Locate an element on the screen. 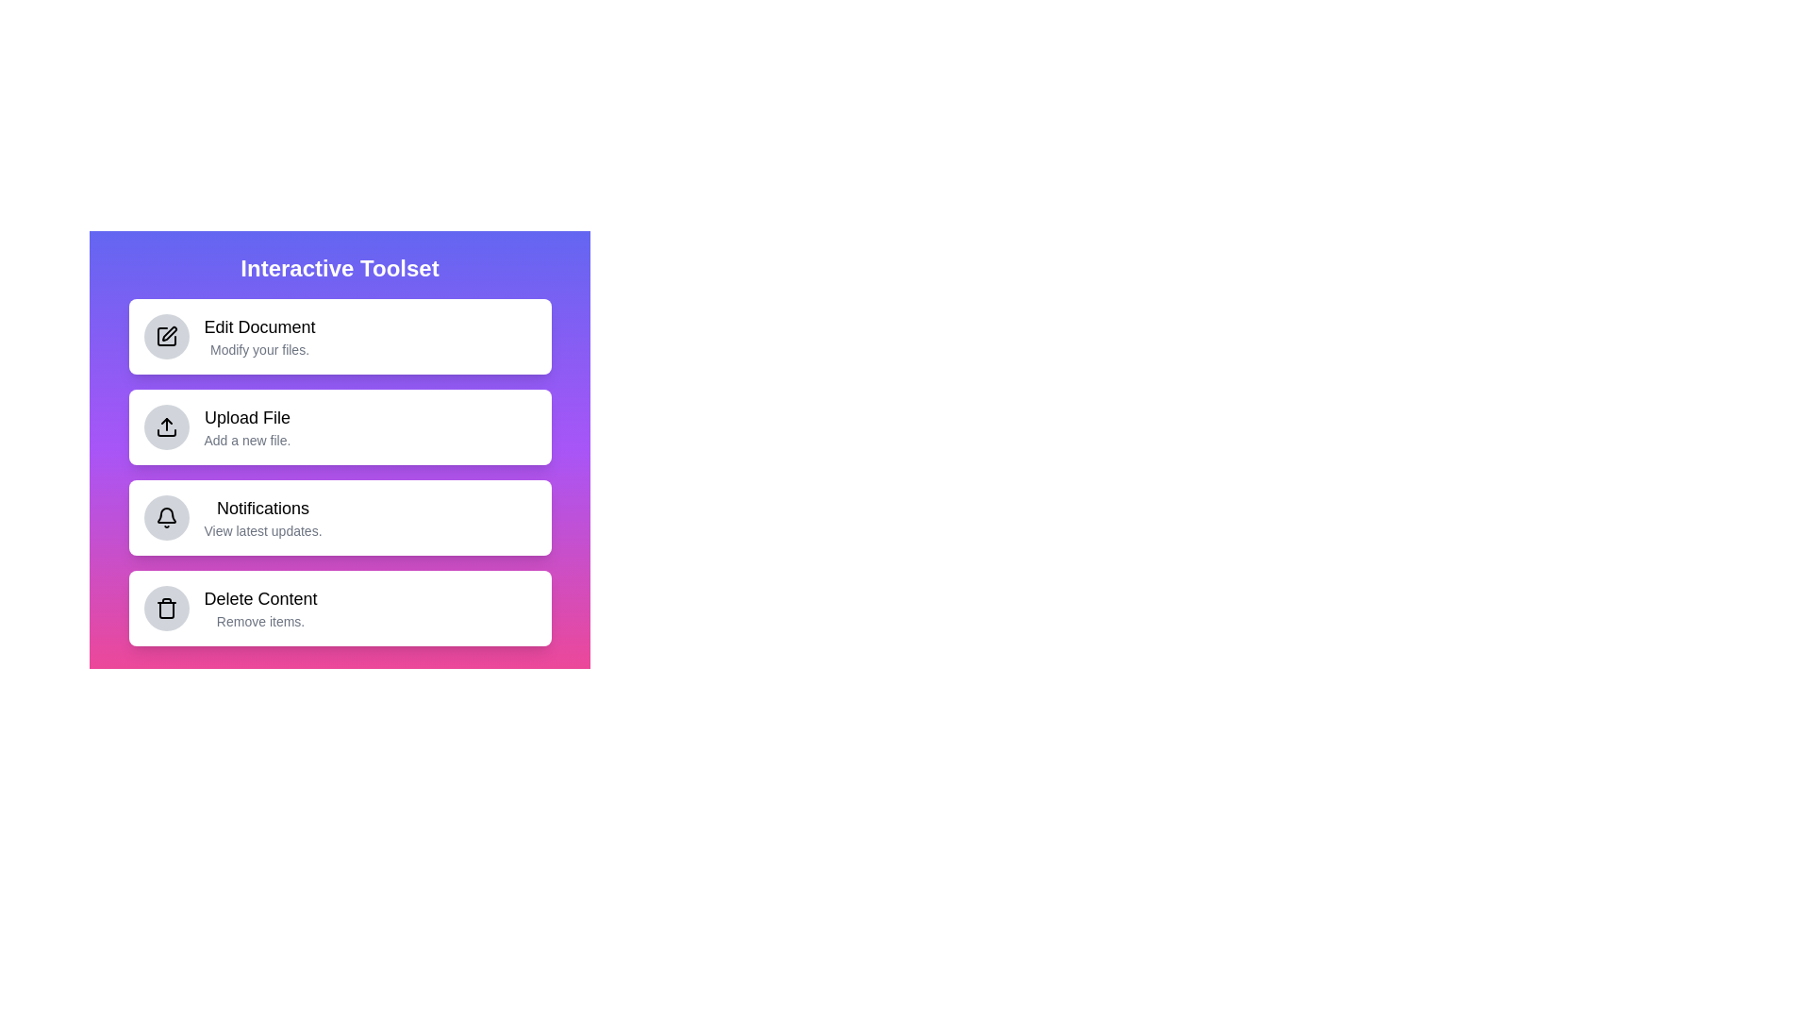 The image size is (1811, 1019). the menu item labeled 'Edit Document' to read its description is located at coordinates (340, 336).